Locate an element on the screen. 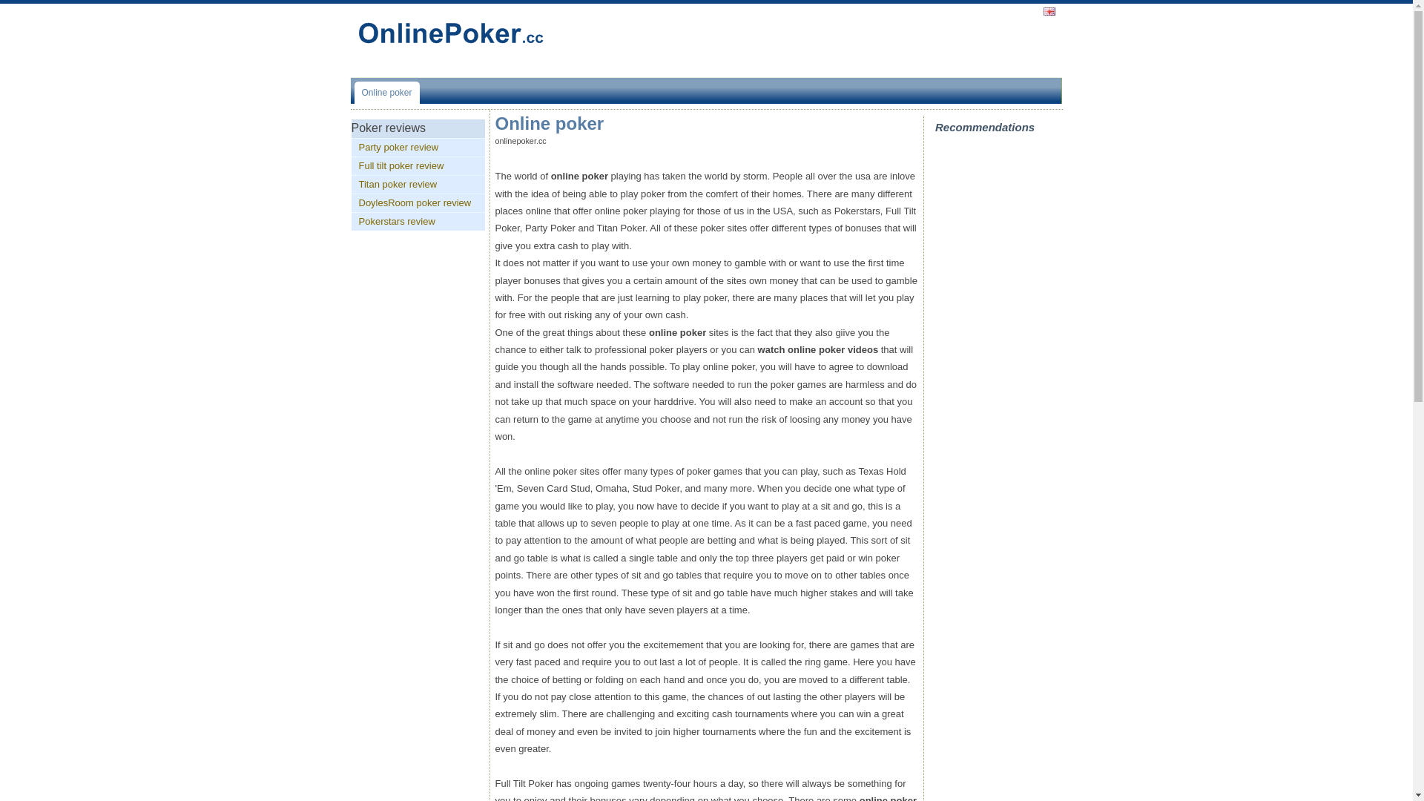 The height and width of the screenshot is (801, 1424). 'DoylesRoom poker review' is located at coordinates (418, 202).